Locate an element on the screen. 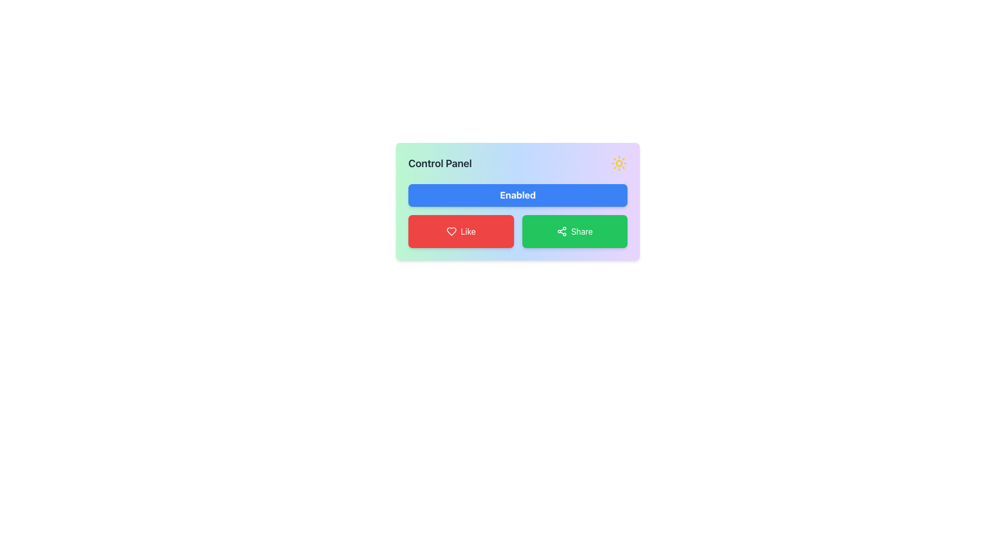 The image size is (990, 557). the heart icon inside the red 'Like' button to express appreciation is located at coordinates (451, 231).